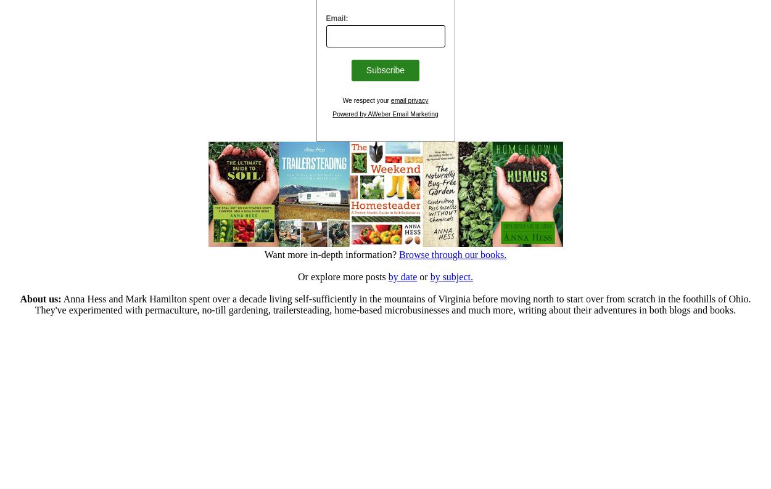  I want to click on 'We respect your', so click(366, 100).